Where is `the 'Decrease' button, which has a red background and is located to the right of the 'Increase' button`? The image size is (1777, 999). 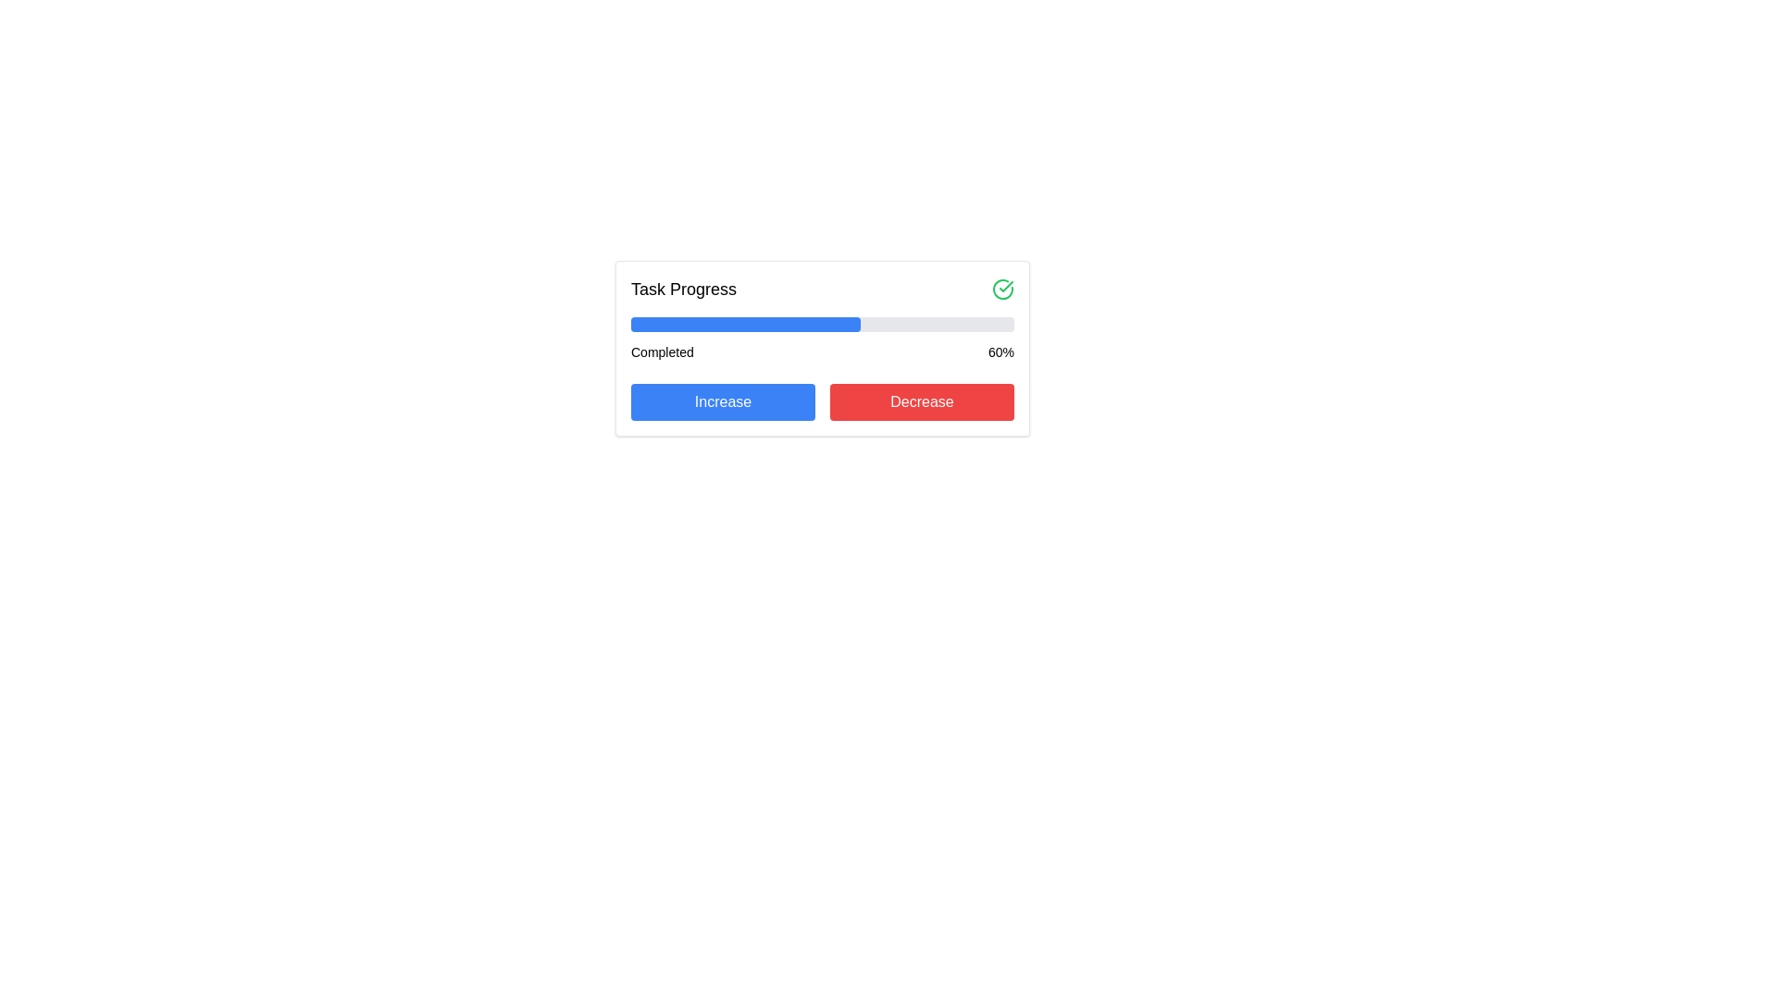 the 'Decrease' button, which has a red background and is located to the right of the 'Increase' button is located at coordinates (922, 401).